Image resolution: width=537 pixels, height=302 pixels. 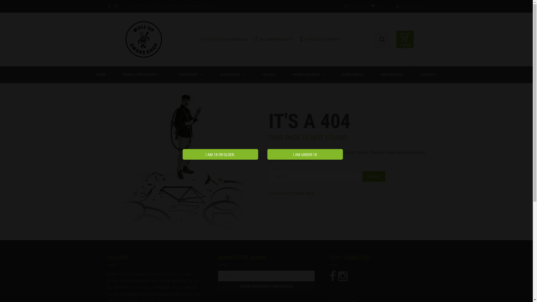 What do you see at coordinates (267, 154) in the screenshot?
I see `'I am under 18'` at bounding box center [267, 154].